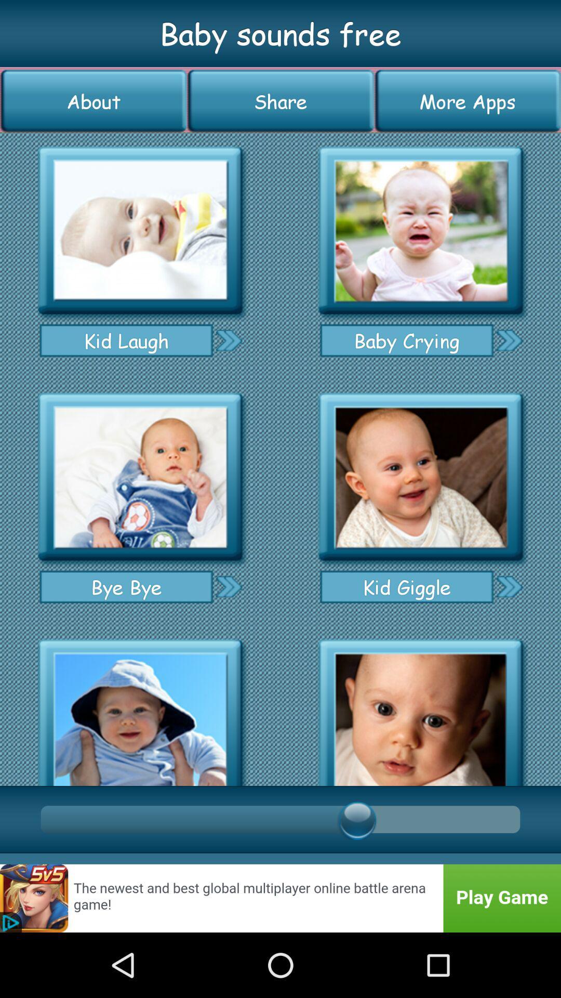 The width and height of the screenshot is (561, 998). Describe the element at coordinates (421, 708) in the screenshot. I see `last sound file` at that location.